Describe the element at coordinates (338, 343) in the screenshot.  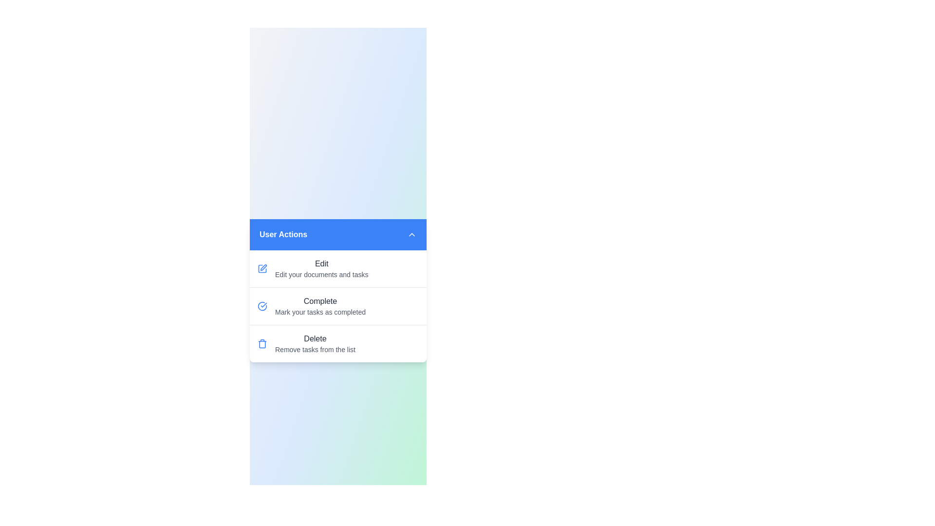
I see `the 'Delete' menu item in the list` at that location.